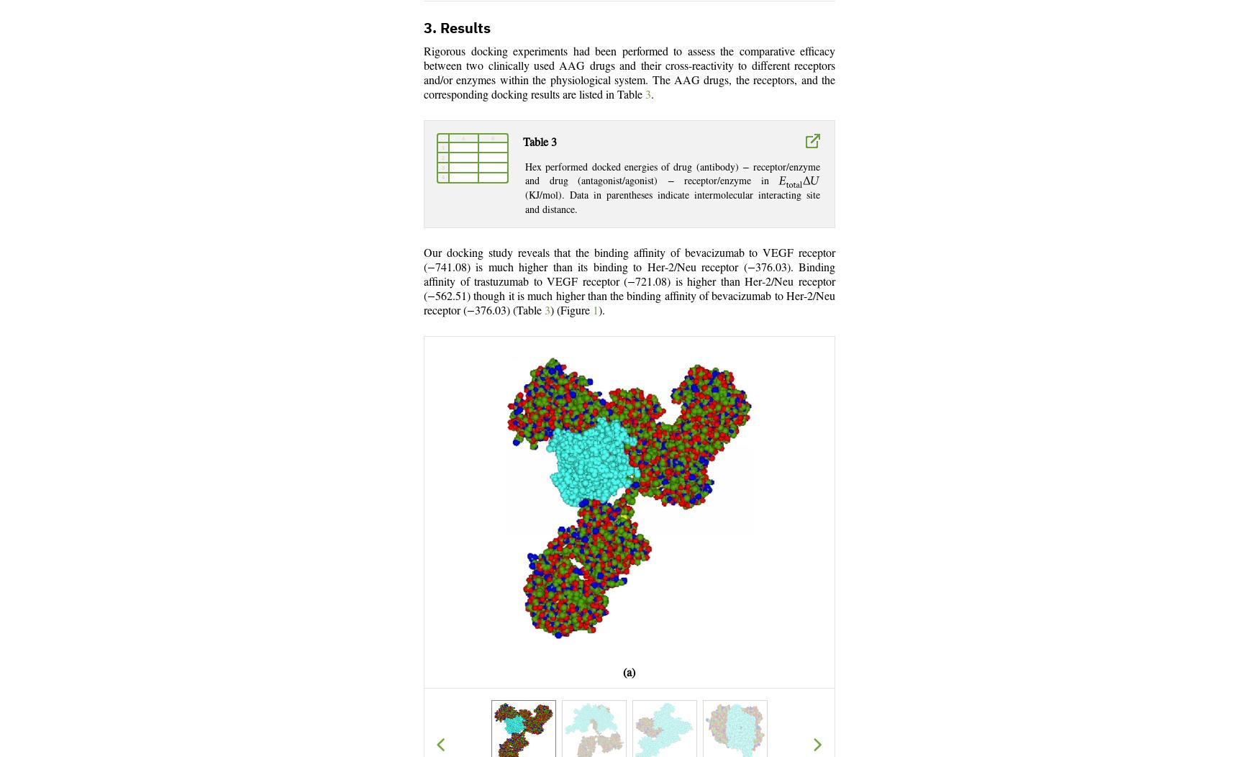 This screenshot has height=757, width=1259. What do you see at coordinates (540, 142) in the screenshot?
I see `'Table 3'` at bounding box center [540, 142].